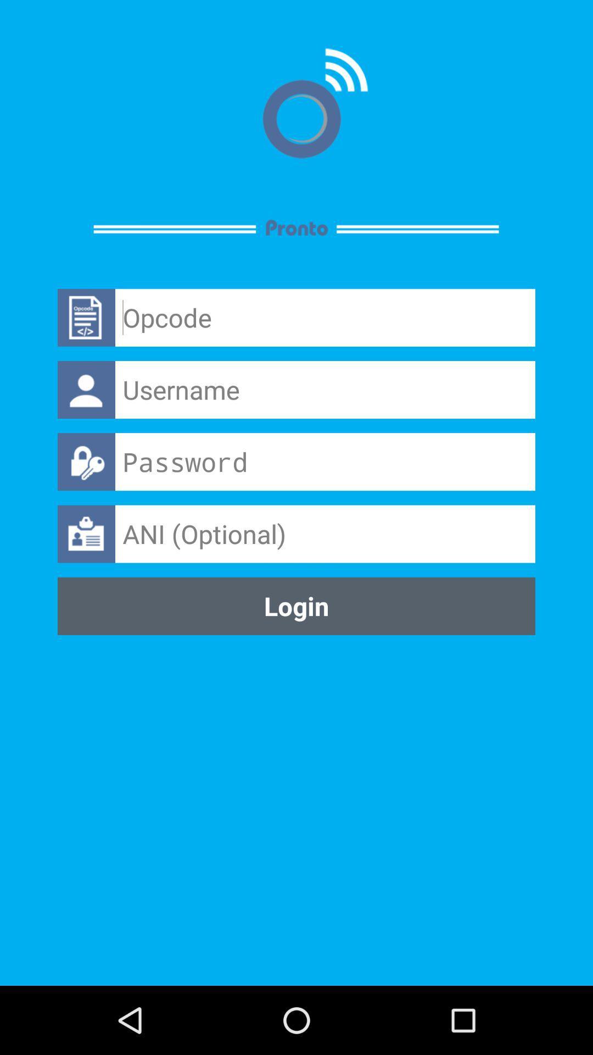 This screenshot has width=593, height=1055. I want to click on the avatar icon, so click(86, 417).